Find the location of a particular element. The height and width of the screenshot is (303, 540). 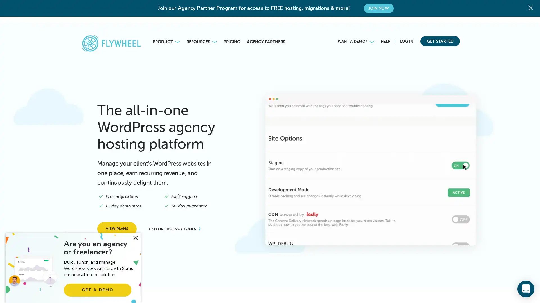

Close is located at coordinates (135, 238).